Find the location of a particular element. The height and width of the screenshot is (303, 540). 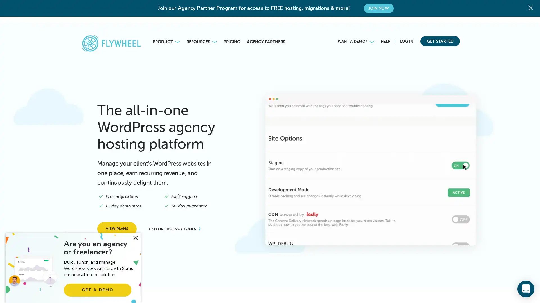

Close is located at coordinates (135, 238).